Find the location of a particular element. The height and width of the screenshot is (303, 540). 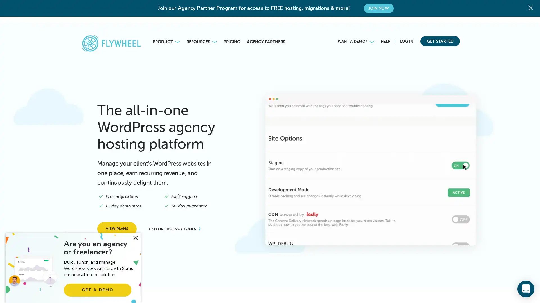

Close is located at coordinates (135, 238).